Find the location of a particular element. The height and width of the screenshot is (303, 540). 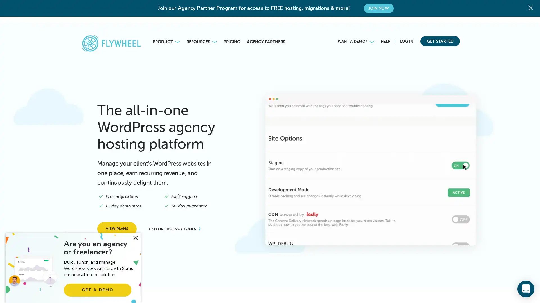

Close is located at coordinates (135, 238).